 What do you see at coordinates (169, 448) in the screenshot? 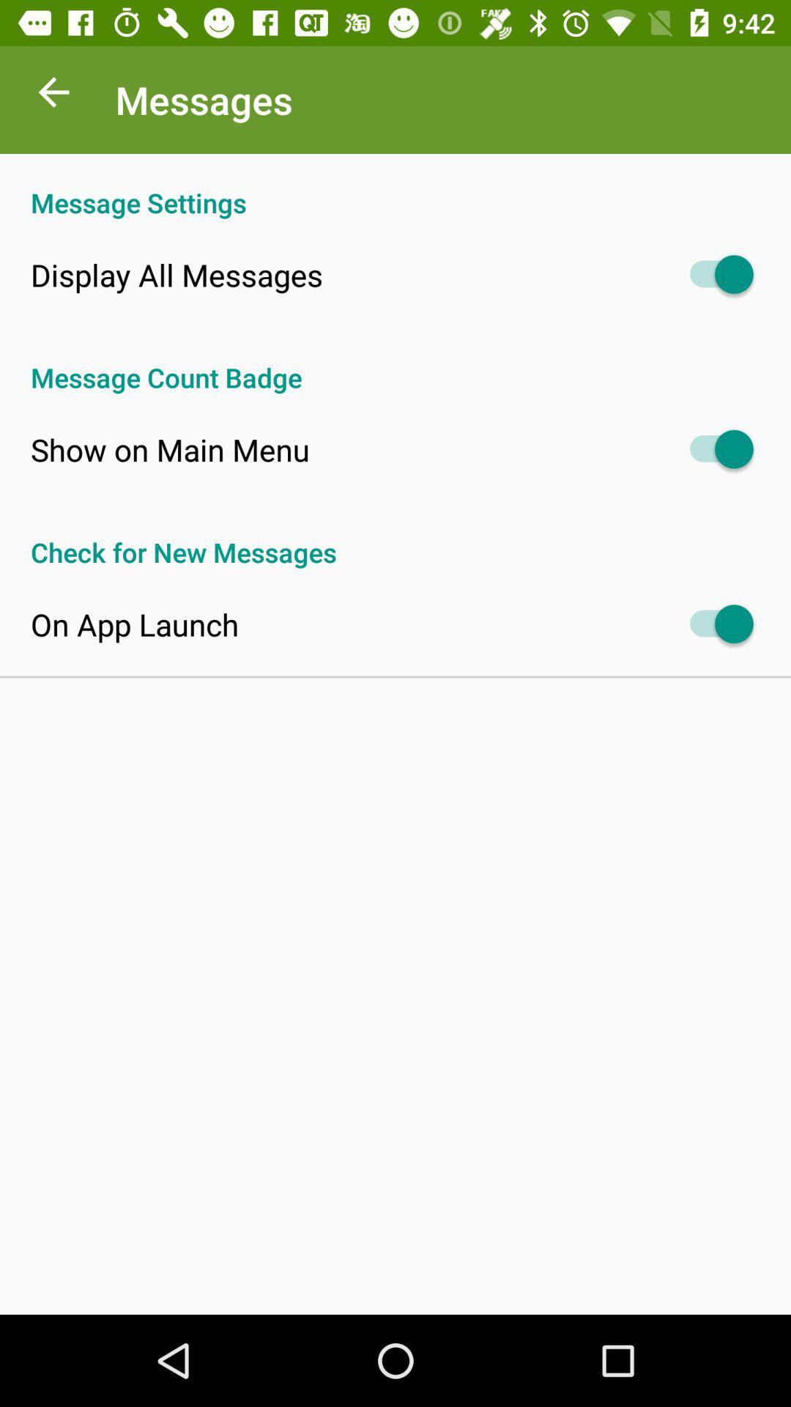
I see `show on main icon` at bounding box center [169, 448].